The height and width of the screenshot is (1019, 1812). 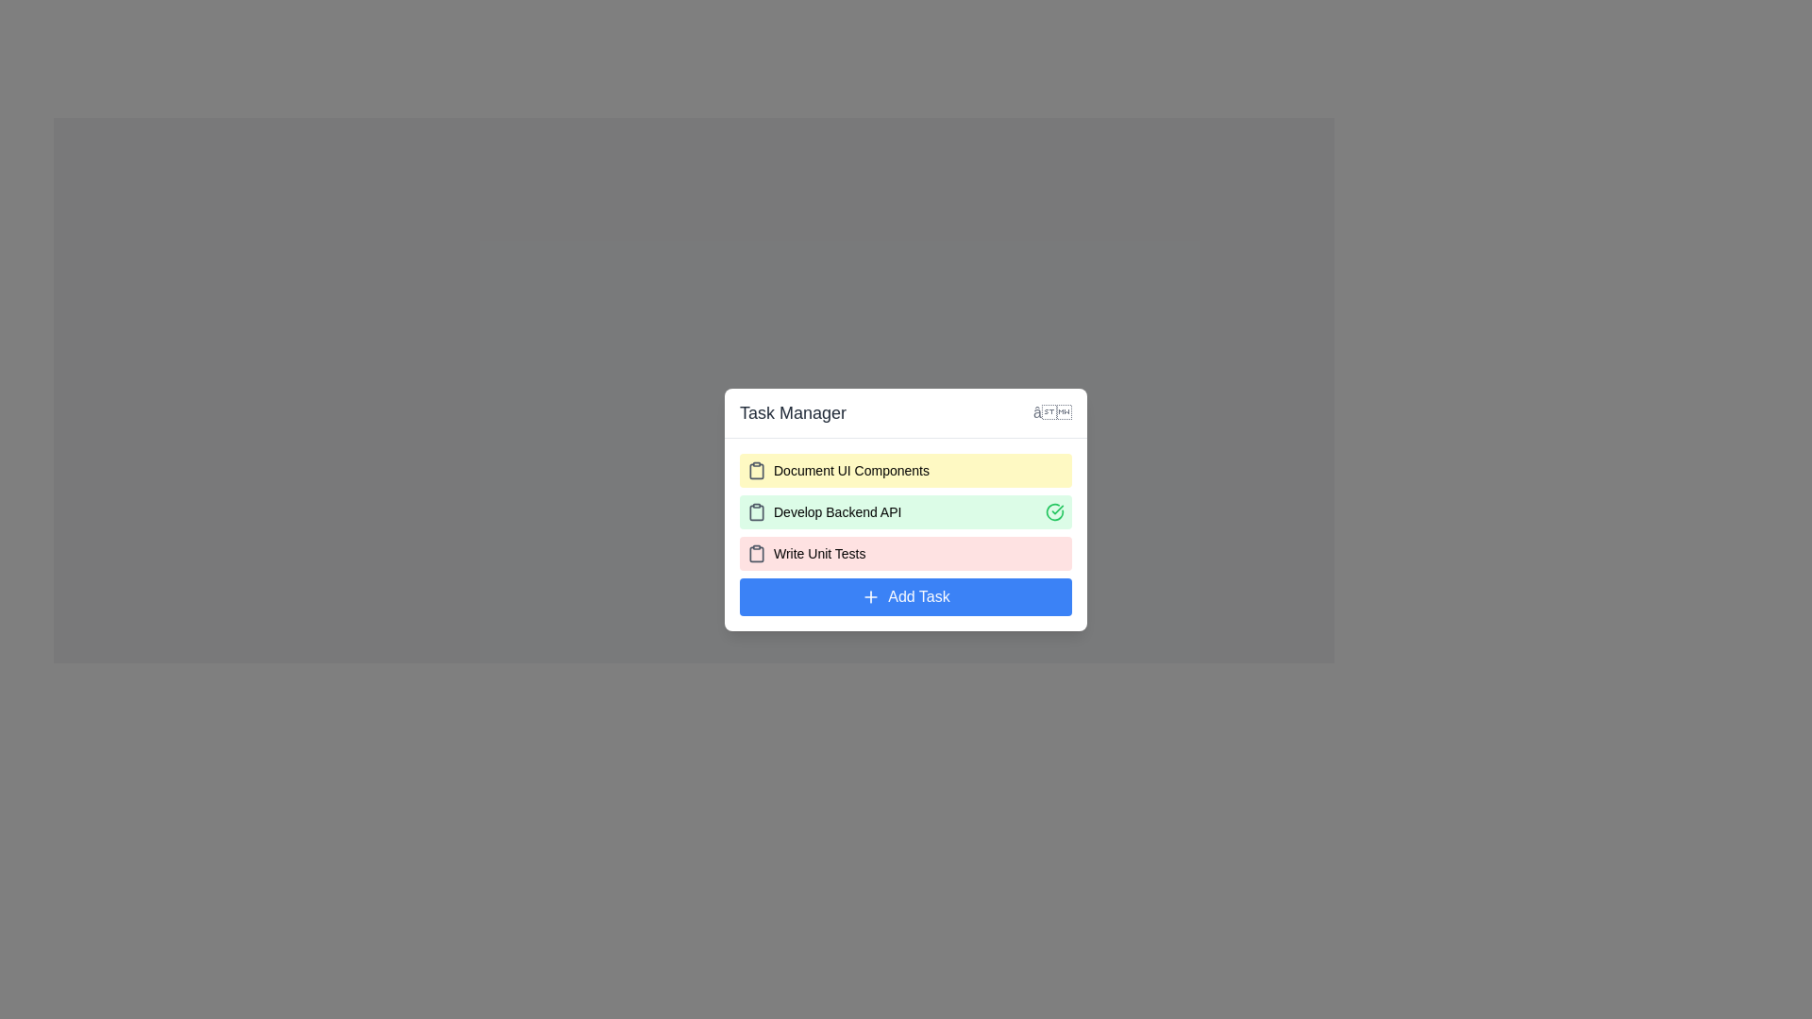 I want to click on the decorative clipboard icon located to the left of the 'Document UI Components' text in the first row of the task list, so click(x=756, y=468).